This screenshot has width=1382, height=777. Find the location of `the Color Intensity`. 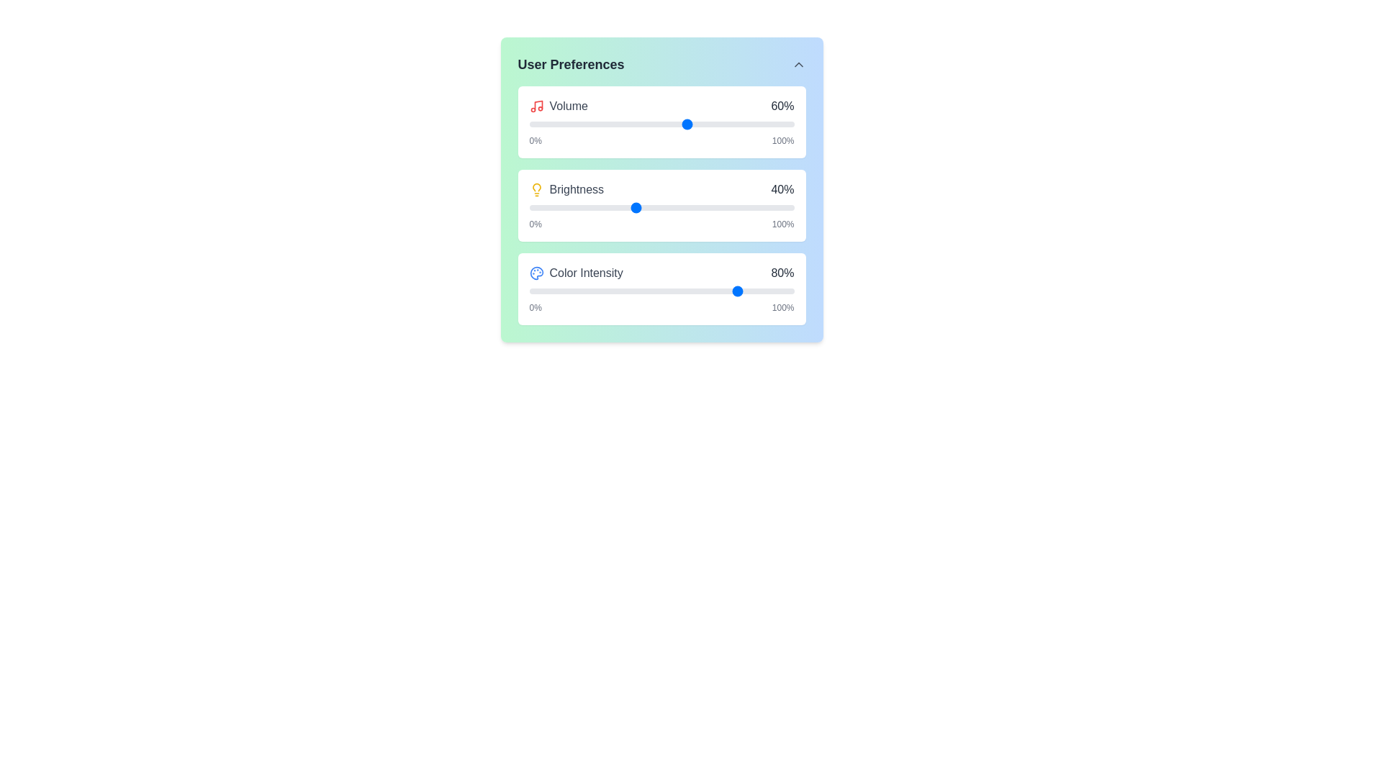

the Color Intensity is located at coordinates (608, 291).